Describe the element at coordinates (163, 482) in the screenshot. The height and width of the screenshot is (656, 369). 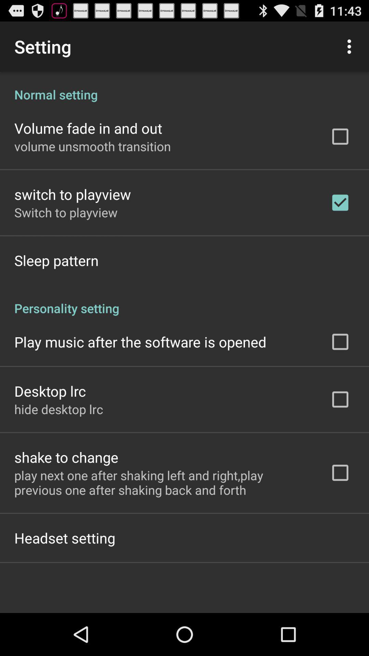
I see `the icon above headset setting app` at that location.